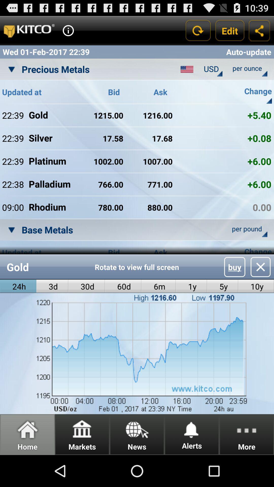 This screenshot has height=487, width=274. What do you see at coordinates (68, 32) in the screenshot?
I see `the info icon` at bounding box center [68, 32].